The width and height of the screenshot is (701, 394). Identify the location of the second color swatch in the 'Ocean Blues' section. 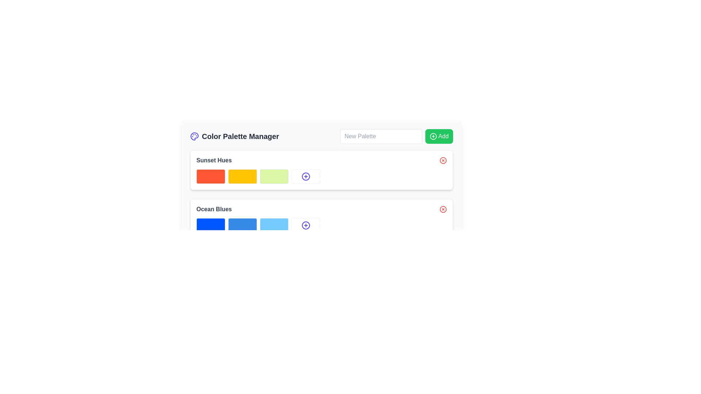
(242, 225).